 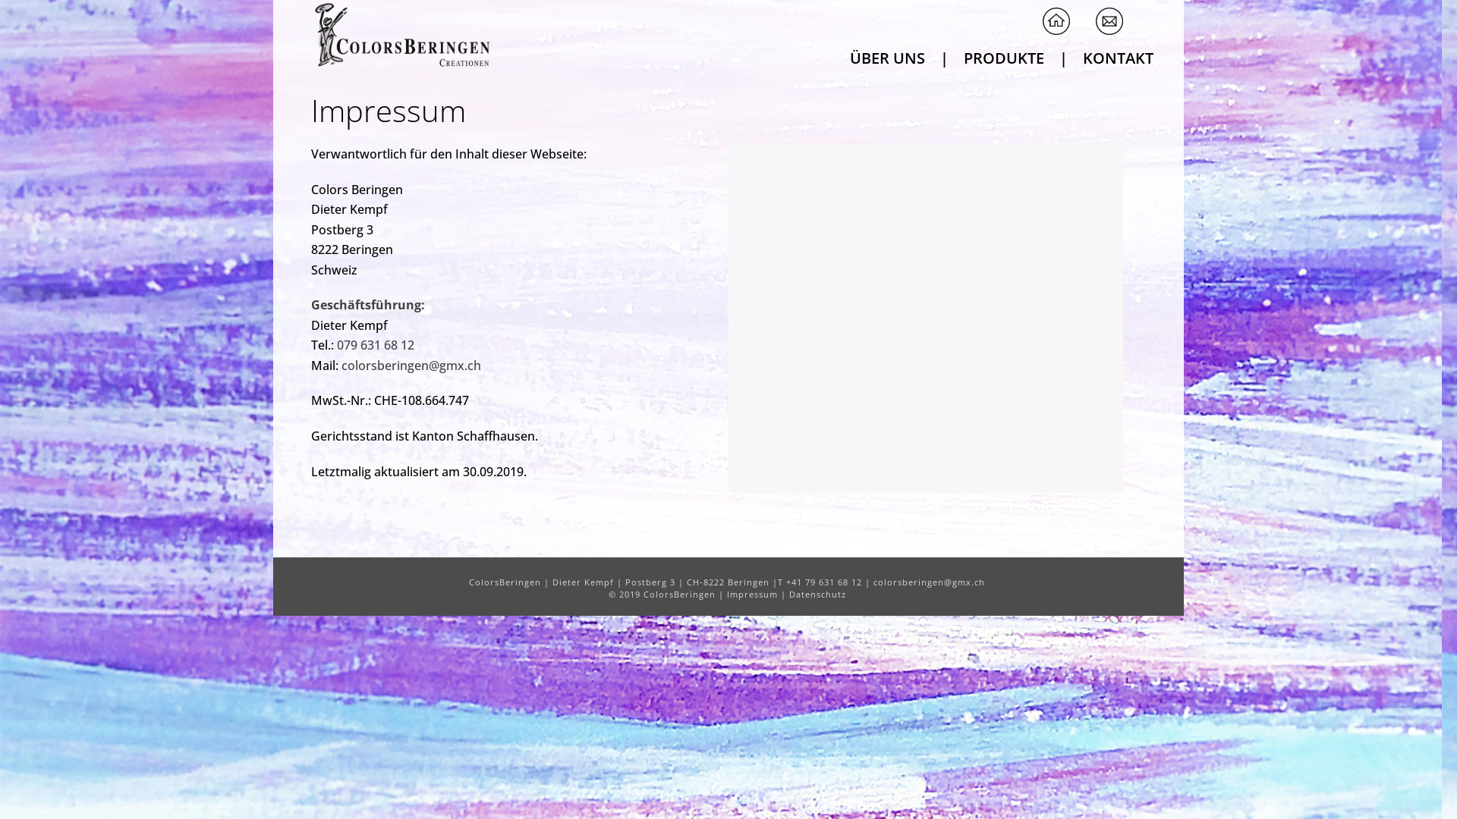 What do you see at coordinates (1004, 55) in the screenshot?
I see `'PRODUKTE'` at bounding box center [1004, 55].